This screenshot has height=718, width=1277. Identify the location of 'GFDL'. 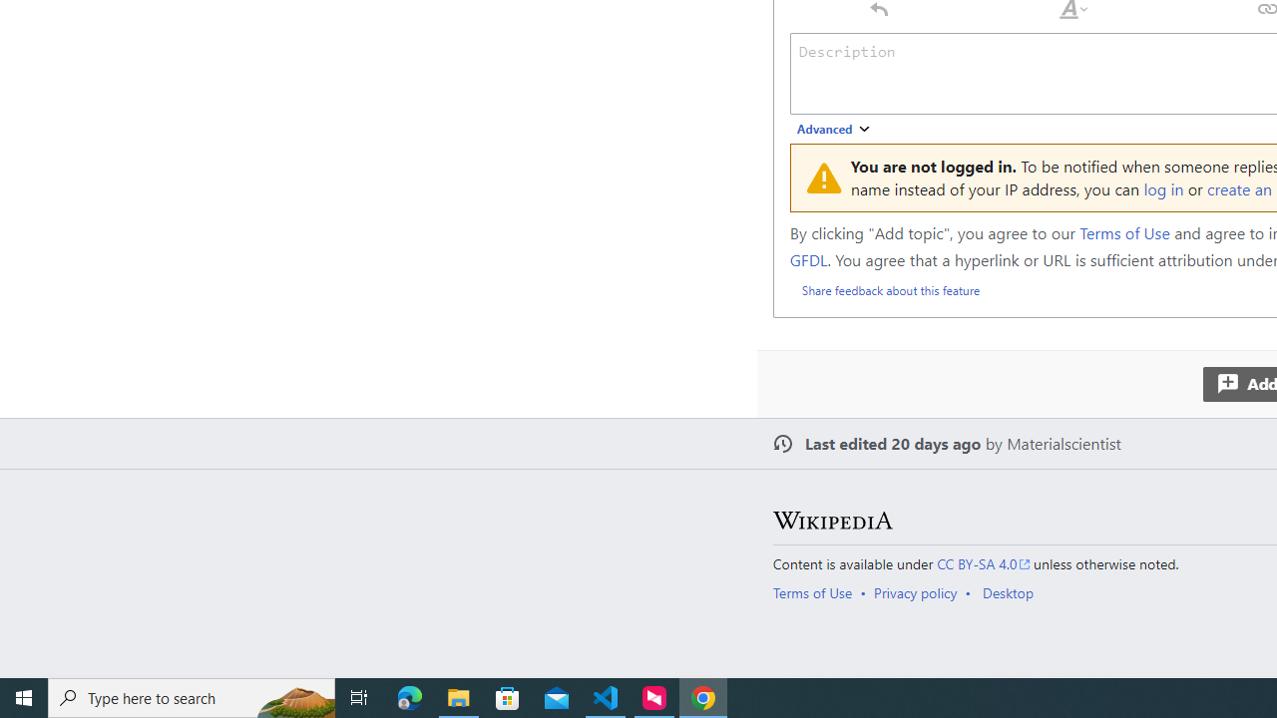
(808, 257).